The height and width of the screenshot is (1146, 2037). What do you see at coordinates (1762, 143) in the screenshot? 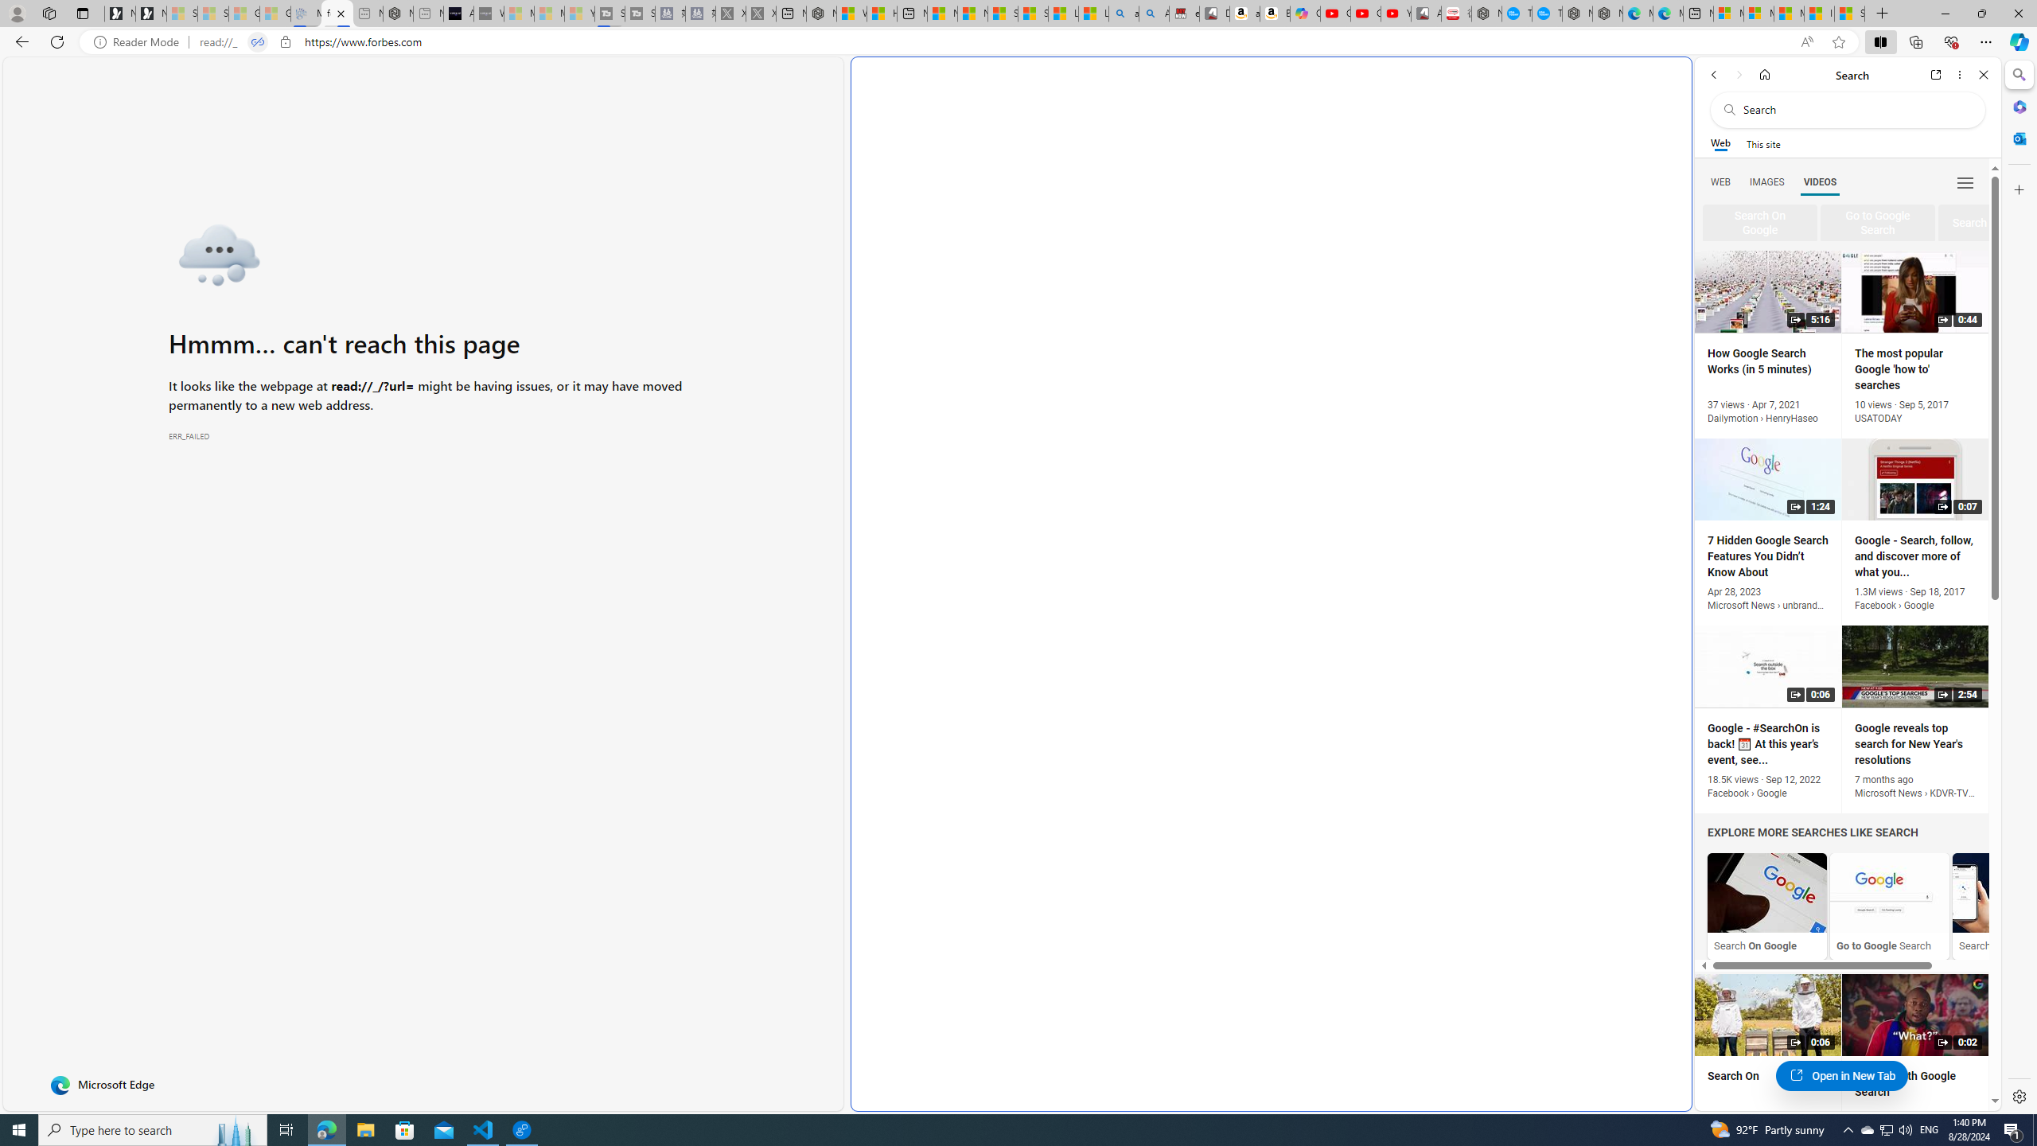
I see `'This site scope'` at bounding box center [1762, 143].